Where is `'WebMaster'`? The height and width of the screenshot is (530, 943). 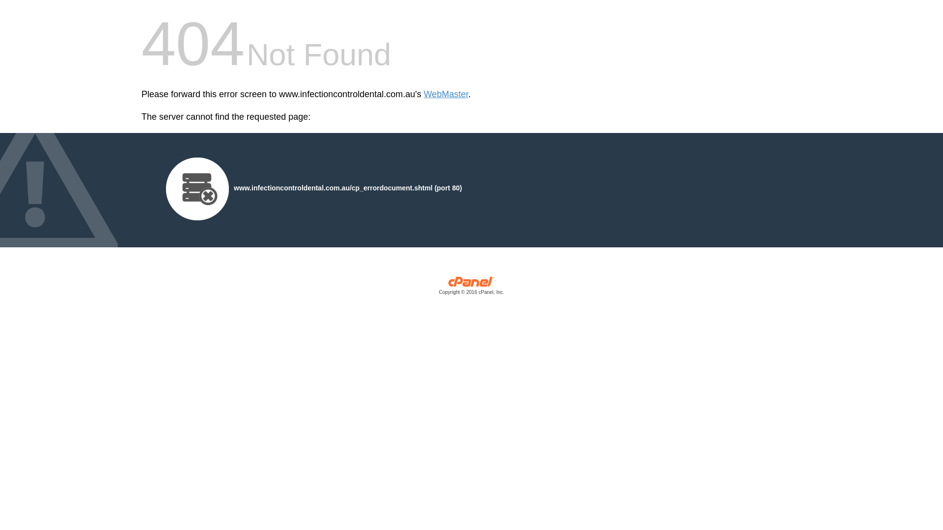
'WebMaster' is located at coordinates (445, 94).